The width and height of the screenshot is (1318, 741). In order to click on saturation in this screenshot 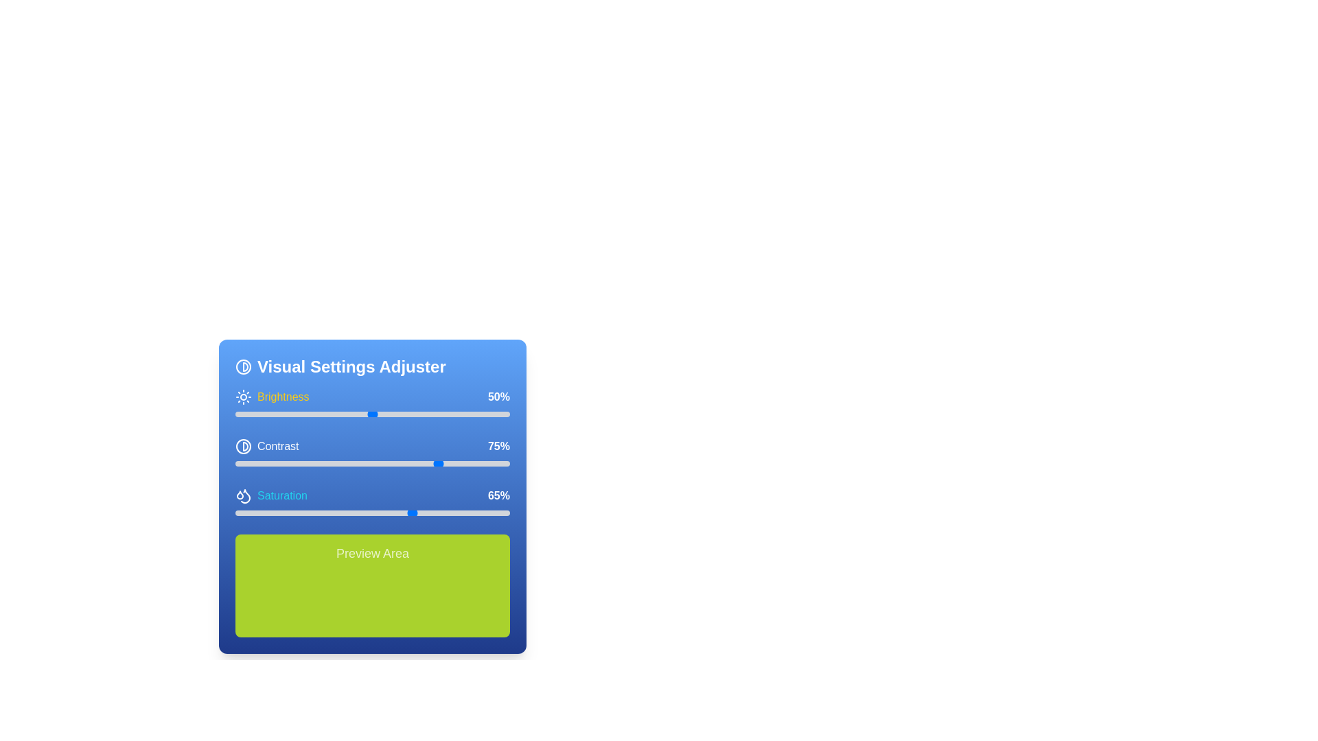, I will do `click(303, 513)`.